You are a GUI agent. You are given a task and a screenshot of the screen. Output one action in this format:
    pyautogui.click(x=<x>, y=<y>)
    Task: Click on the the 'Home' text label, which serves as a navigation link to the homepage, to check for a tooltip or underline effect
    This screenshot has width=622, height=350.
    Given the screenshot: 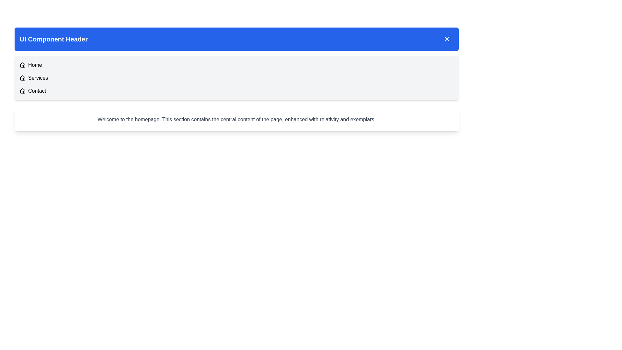 What is the action you would take?
    pyautogui.click(x=35, y=65)
    